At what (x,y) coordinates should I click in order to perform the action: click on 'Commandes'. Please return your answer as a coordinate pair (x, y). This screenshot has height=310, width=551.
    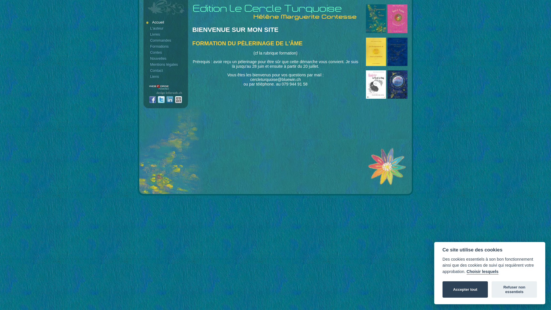
    Looking at the image, I should click on (166, 40).